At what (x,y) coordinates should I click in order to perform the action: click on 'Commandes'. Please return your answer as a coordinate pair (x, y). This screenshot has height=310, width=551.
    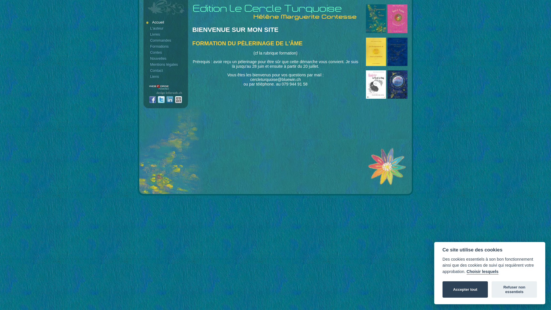
    Looking at the image, I should click on (166, 40).